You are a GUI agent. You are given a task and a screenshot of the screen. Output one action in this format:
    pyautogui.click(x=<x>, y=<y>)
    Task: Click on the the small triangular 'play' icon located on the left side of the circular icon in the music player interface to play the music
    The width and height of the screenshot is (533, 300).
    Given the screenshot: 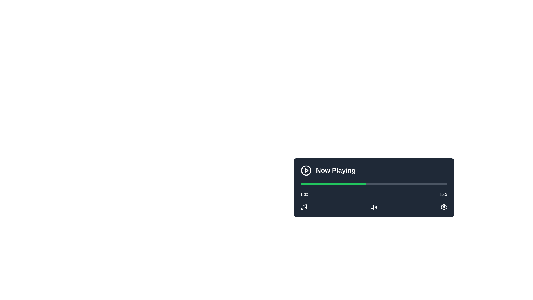 What is the action you would take?
    pyautogui.click(x=306, y=170)
    